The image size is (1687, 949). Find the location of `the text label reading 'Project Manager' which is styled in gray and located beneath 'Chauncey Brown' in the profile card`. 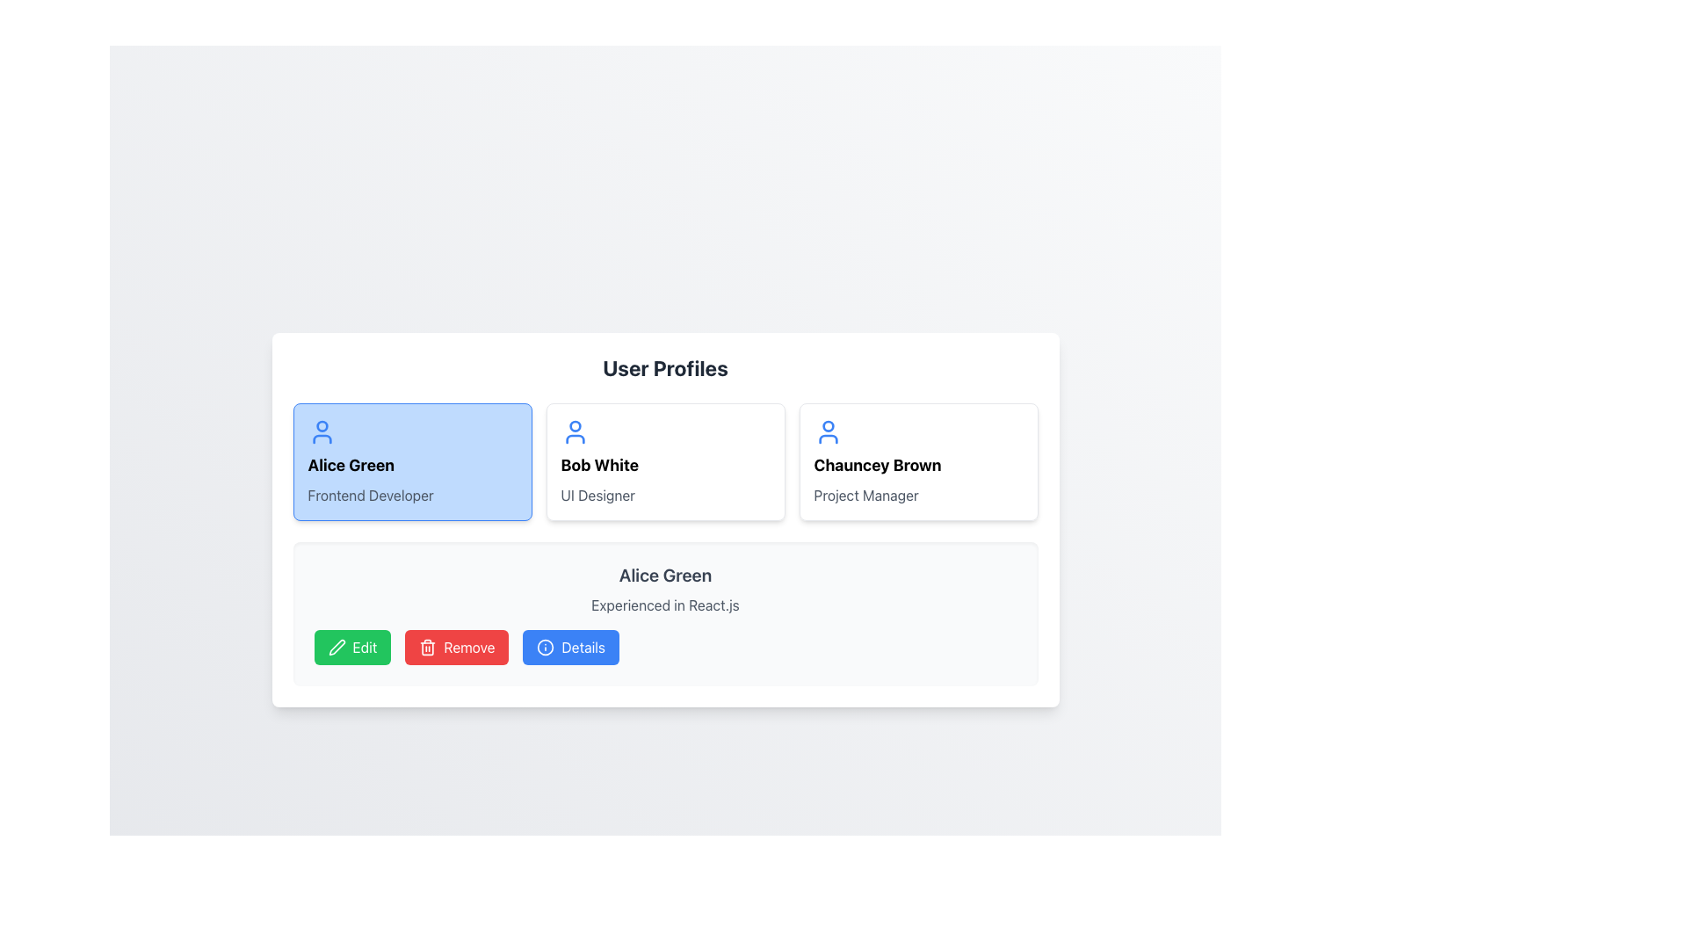

the text label reading 'Project Manager' which is styled in gray and located beneath 'Chauncey Brown' in the profile card is located at coordinates (866, 495).